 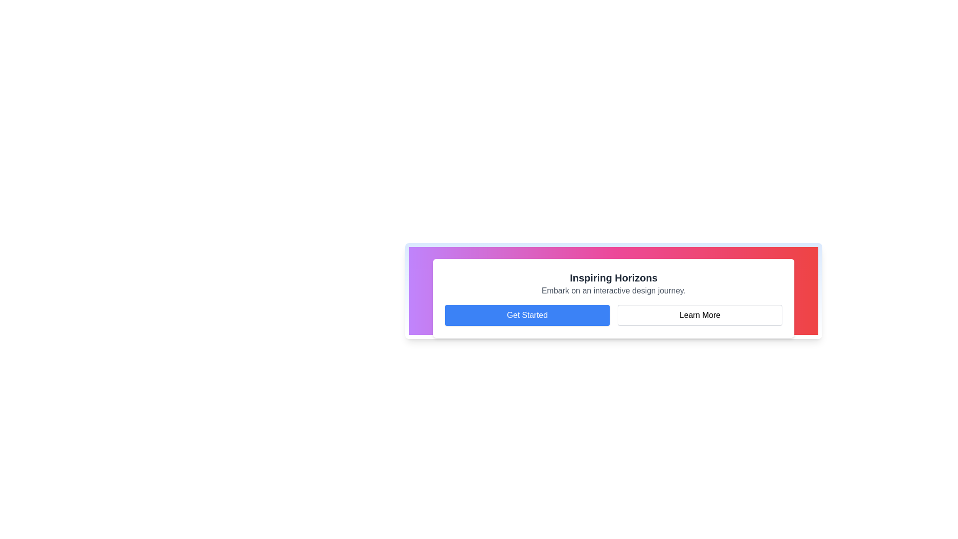 I want to click on the text label that provides a motivational phrase, positioned below the title 'Inspiring Horizons' and above the buttons 'Get Started' and 'Learn More', so click(x=613, y=290).